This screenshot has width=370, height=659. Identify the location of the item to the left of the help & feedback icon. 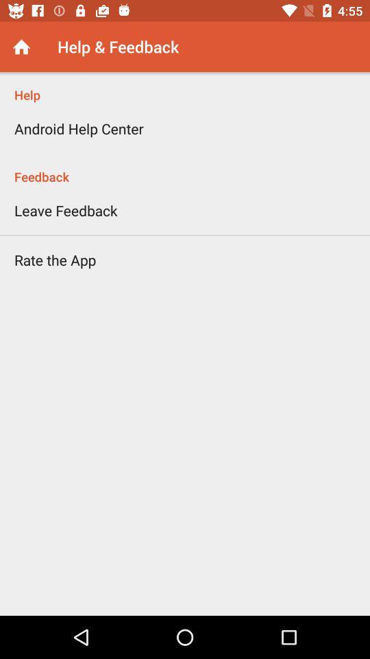
(21, 47).